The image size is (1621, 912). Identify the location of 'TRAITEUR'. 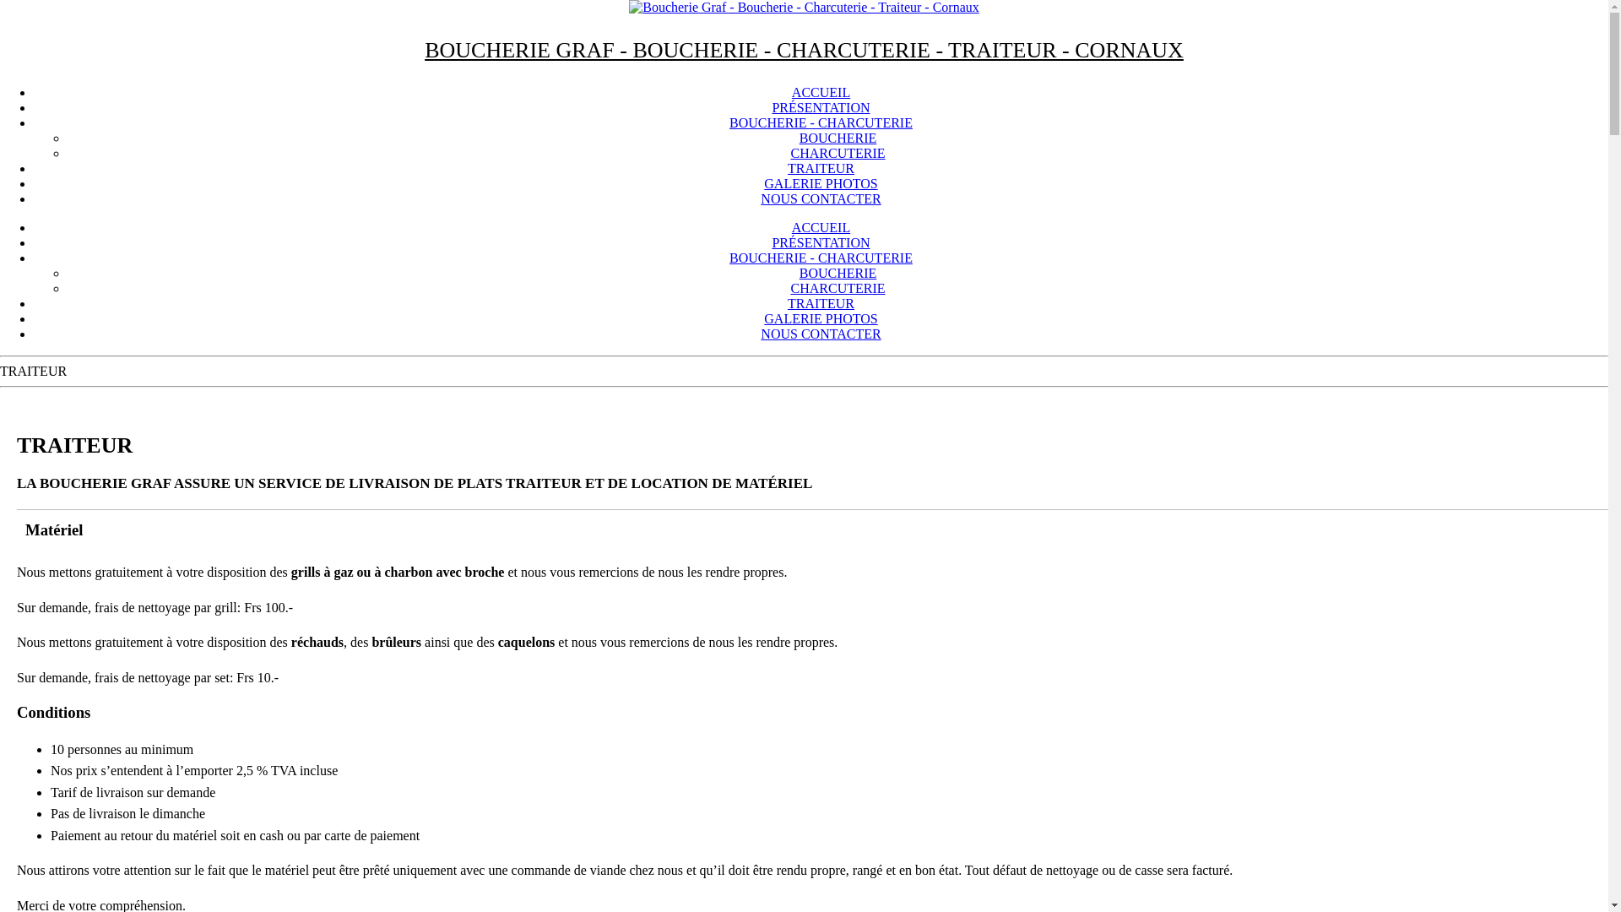
(821, 168).